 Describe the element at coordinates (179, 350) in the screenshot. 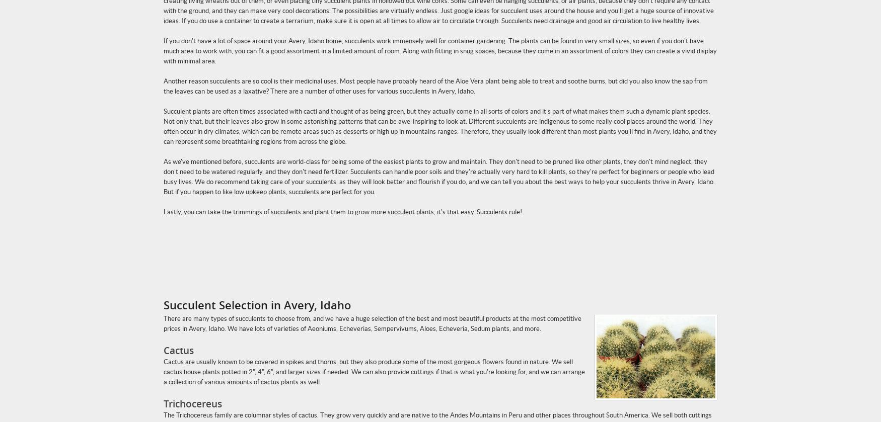

I see `'Cactus'` at that location.